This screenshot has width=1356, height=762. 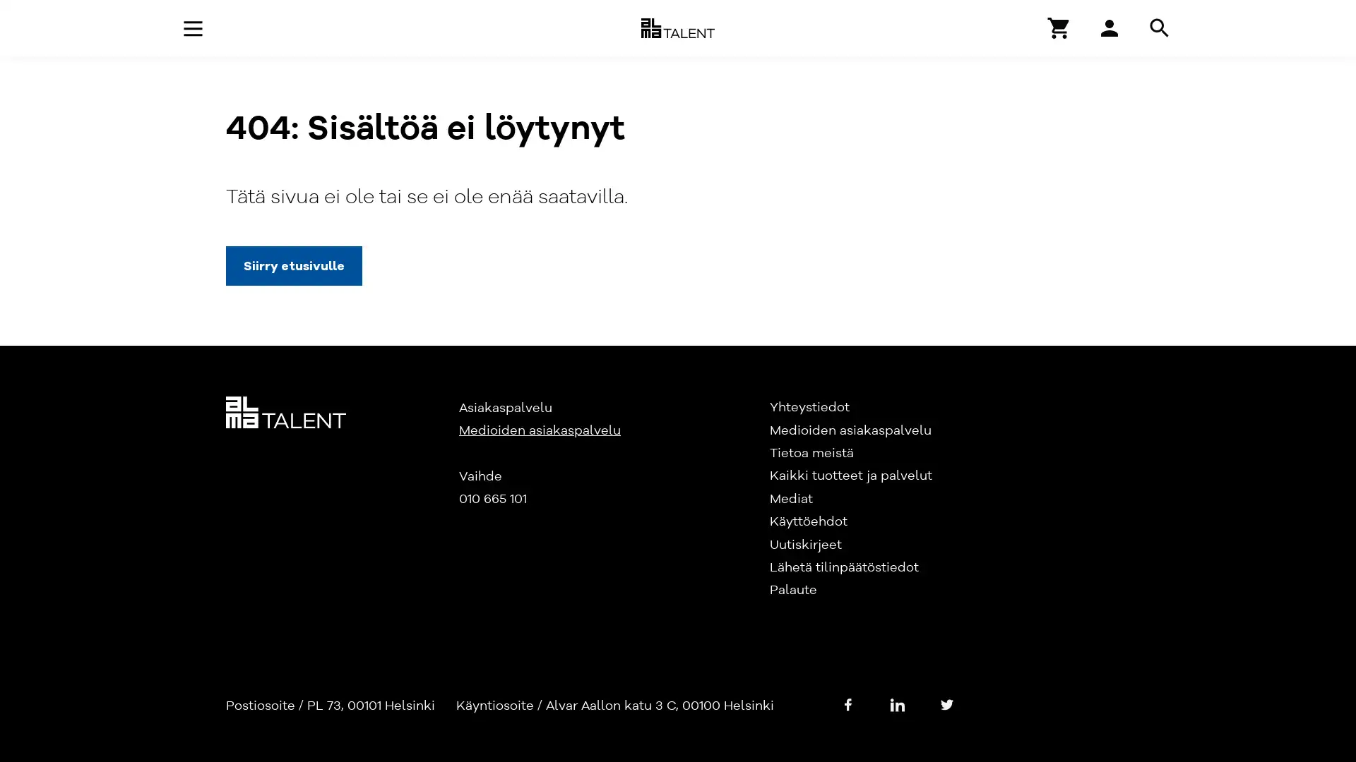 I want to click on Avaa navigaatio, so click(x=192, y=28).